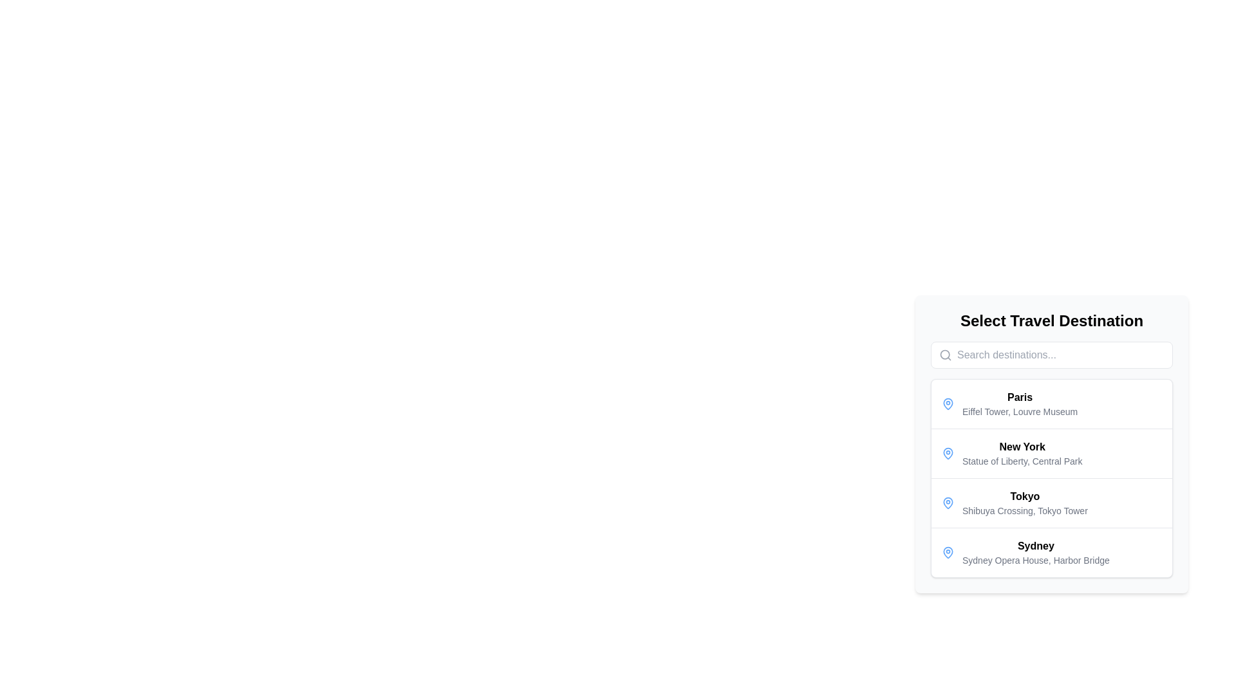  Describe the element at coordinates (1036, 546) in the screenshot. I see `the title header label for the travel destination 'Sydney' located in the bottommost travel destination card above the detailed description` at that location.